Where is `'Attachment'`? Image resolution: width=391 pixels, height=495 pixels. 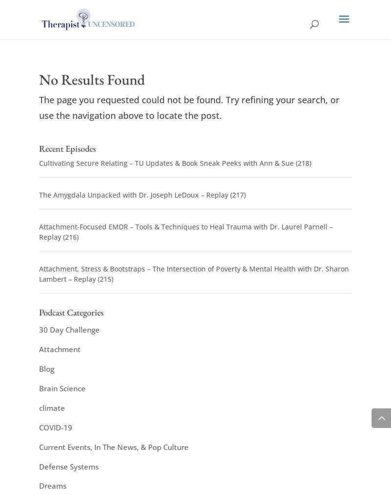
'Attachment' is located at coordinates (59, 349).